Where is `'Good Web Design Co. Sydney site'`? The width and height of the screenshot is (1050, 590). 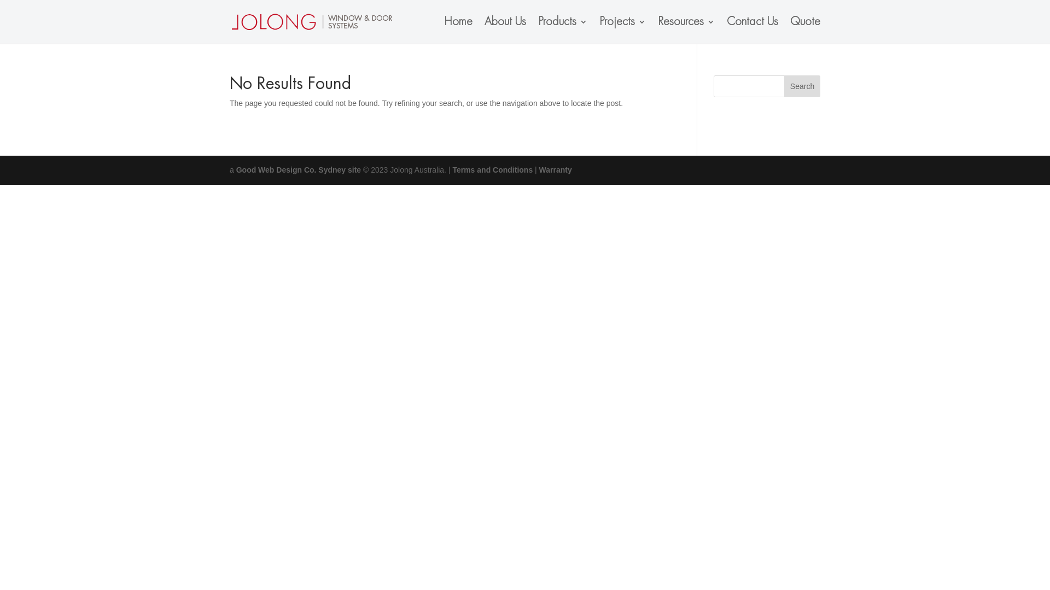
'Good Web Design Co. Sydney site' is located at coordinates (299, 170).